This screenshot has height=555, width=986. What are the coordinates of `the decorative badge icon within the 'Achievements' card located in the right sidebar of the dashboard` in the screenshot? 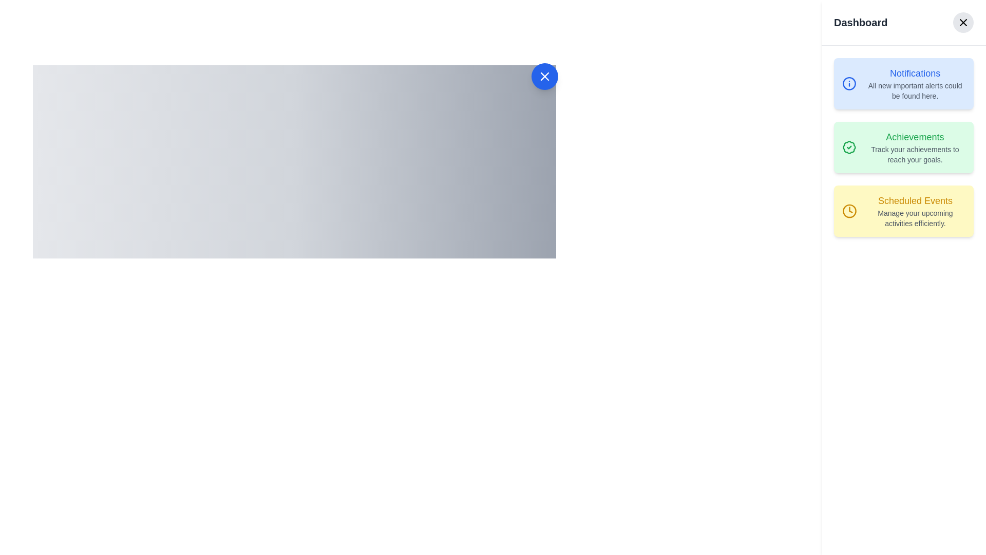 It's located at (849, 147).